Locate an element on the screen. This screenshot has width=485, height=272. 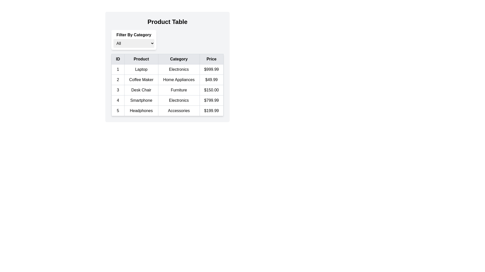
the static text cell containing the text '3' in the leftmost column of the third row of the table under the 'ID' column is located at coordinates (117, 90).